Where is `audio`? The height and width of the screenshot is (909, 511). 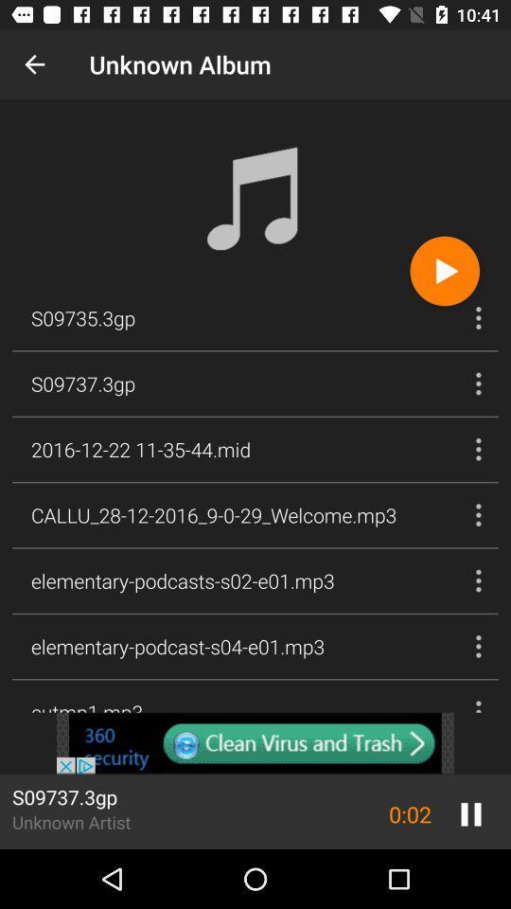
audio is located at coordinates (445, 270).